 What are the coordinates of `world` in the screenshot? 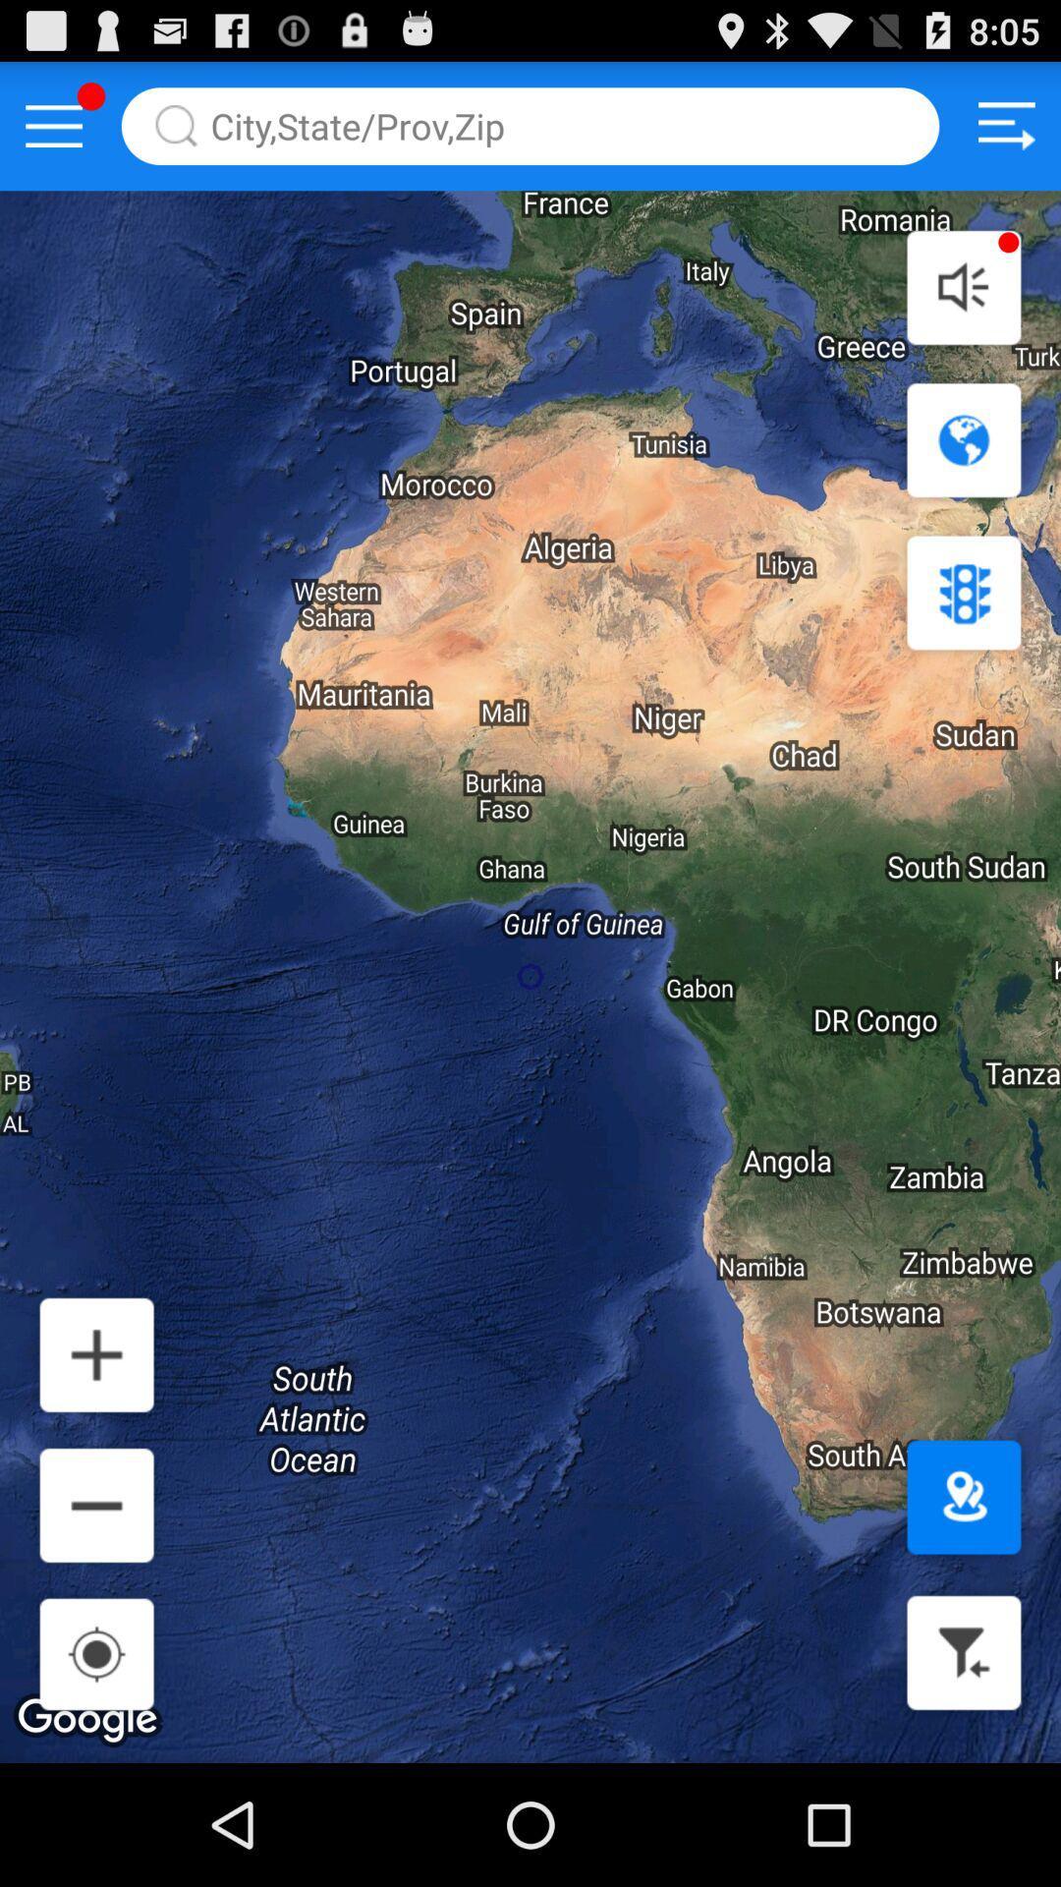 It's located at (963, 439).